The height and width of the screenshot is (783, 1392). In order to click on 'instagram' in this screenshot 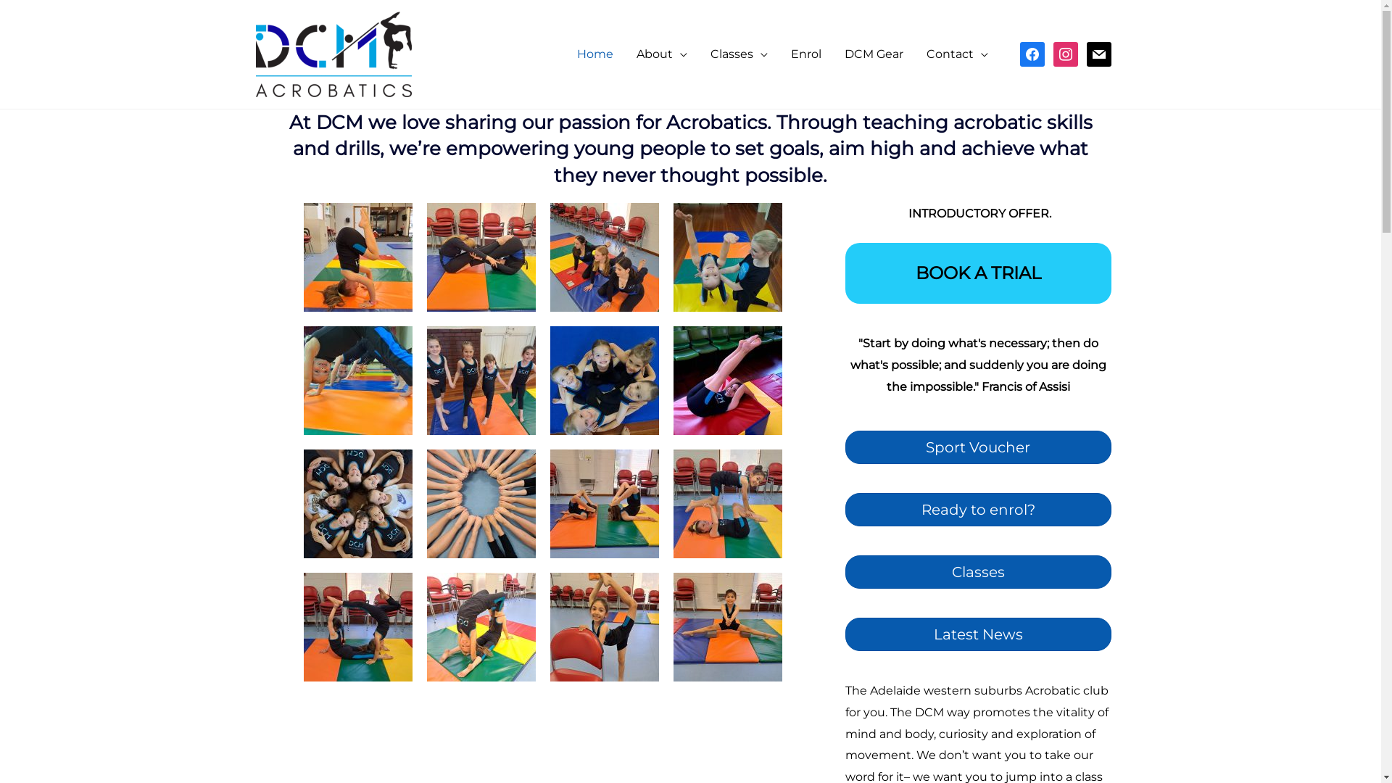, I will do `click(1064, 52)`.